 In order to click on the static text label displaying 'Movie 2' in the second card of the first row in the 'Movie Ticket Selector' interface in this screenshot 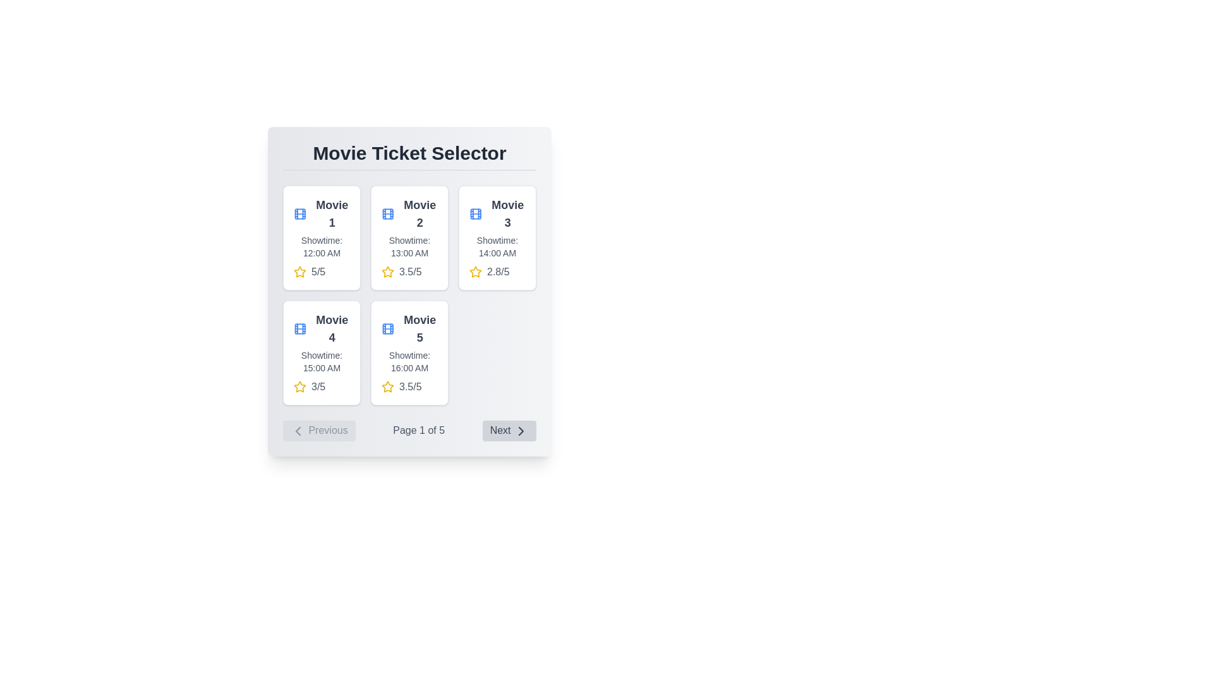, I will do `click(419, 213)`.